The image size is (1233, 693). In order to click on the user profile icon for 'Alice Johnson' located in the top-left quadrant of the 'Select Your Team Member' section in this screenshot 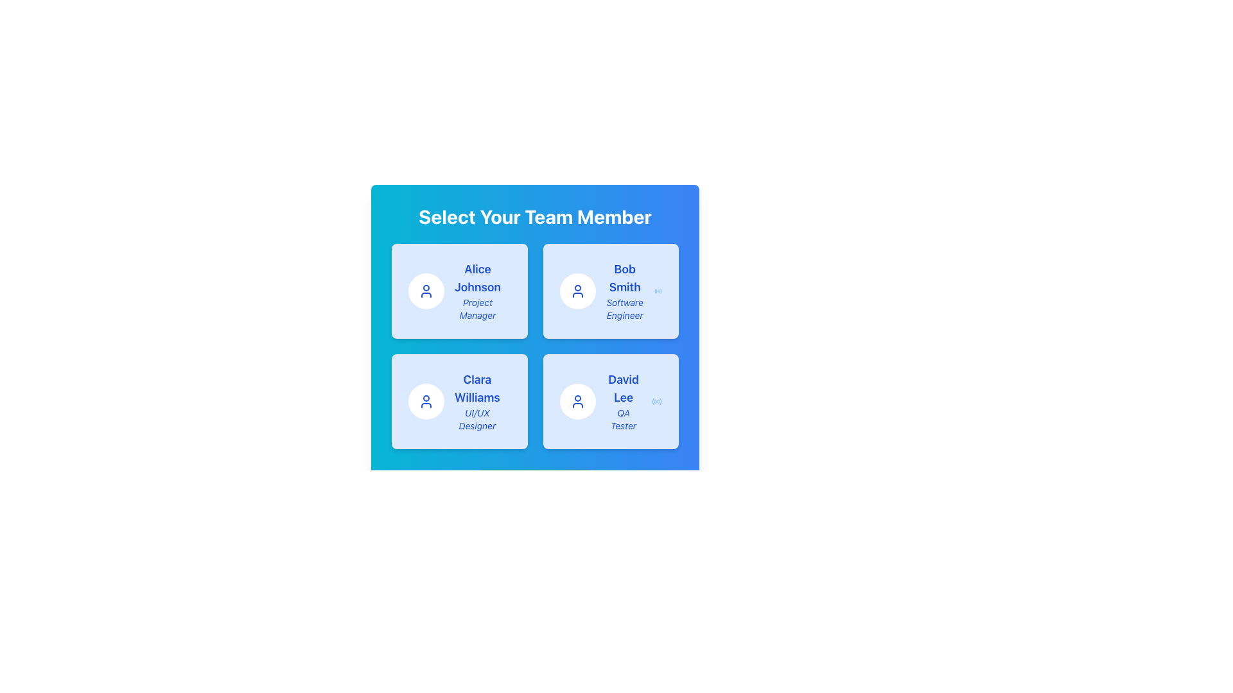, I will do `click(426, 291)`.